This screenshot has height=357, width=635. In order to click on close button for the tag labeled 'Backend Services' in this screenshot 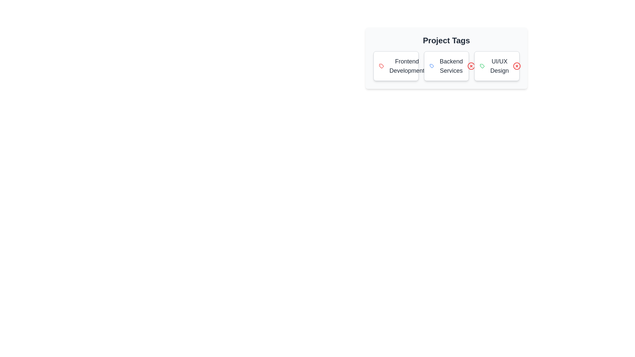, I will do `click(471, 66)`.